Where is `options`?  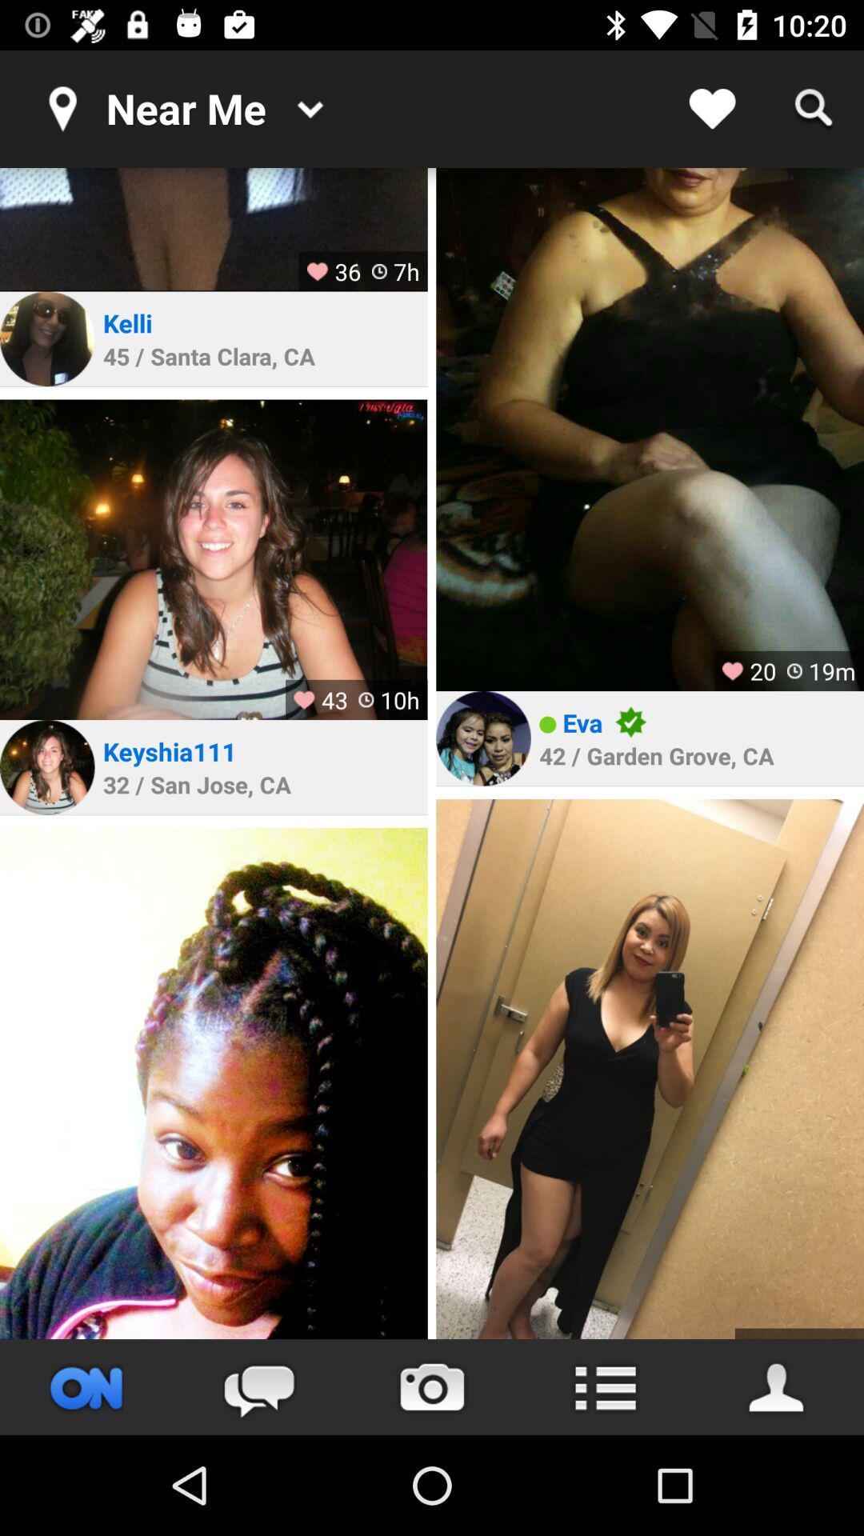 options is located at coordinates (605, 1386).